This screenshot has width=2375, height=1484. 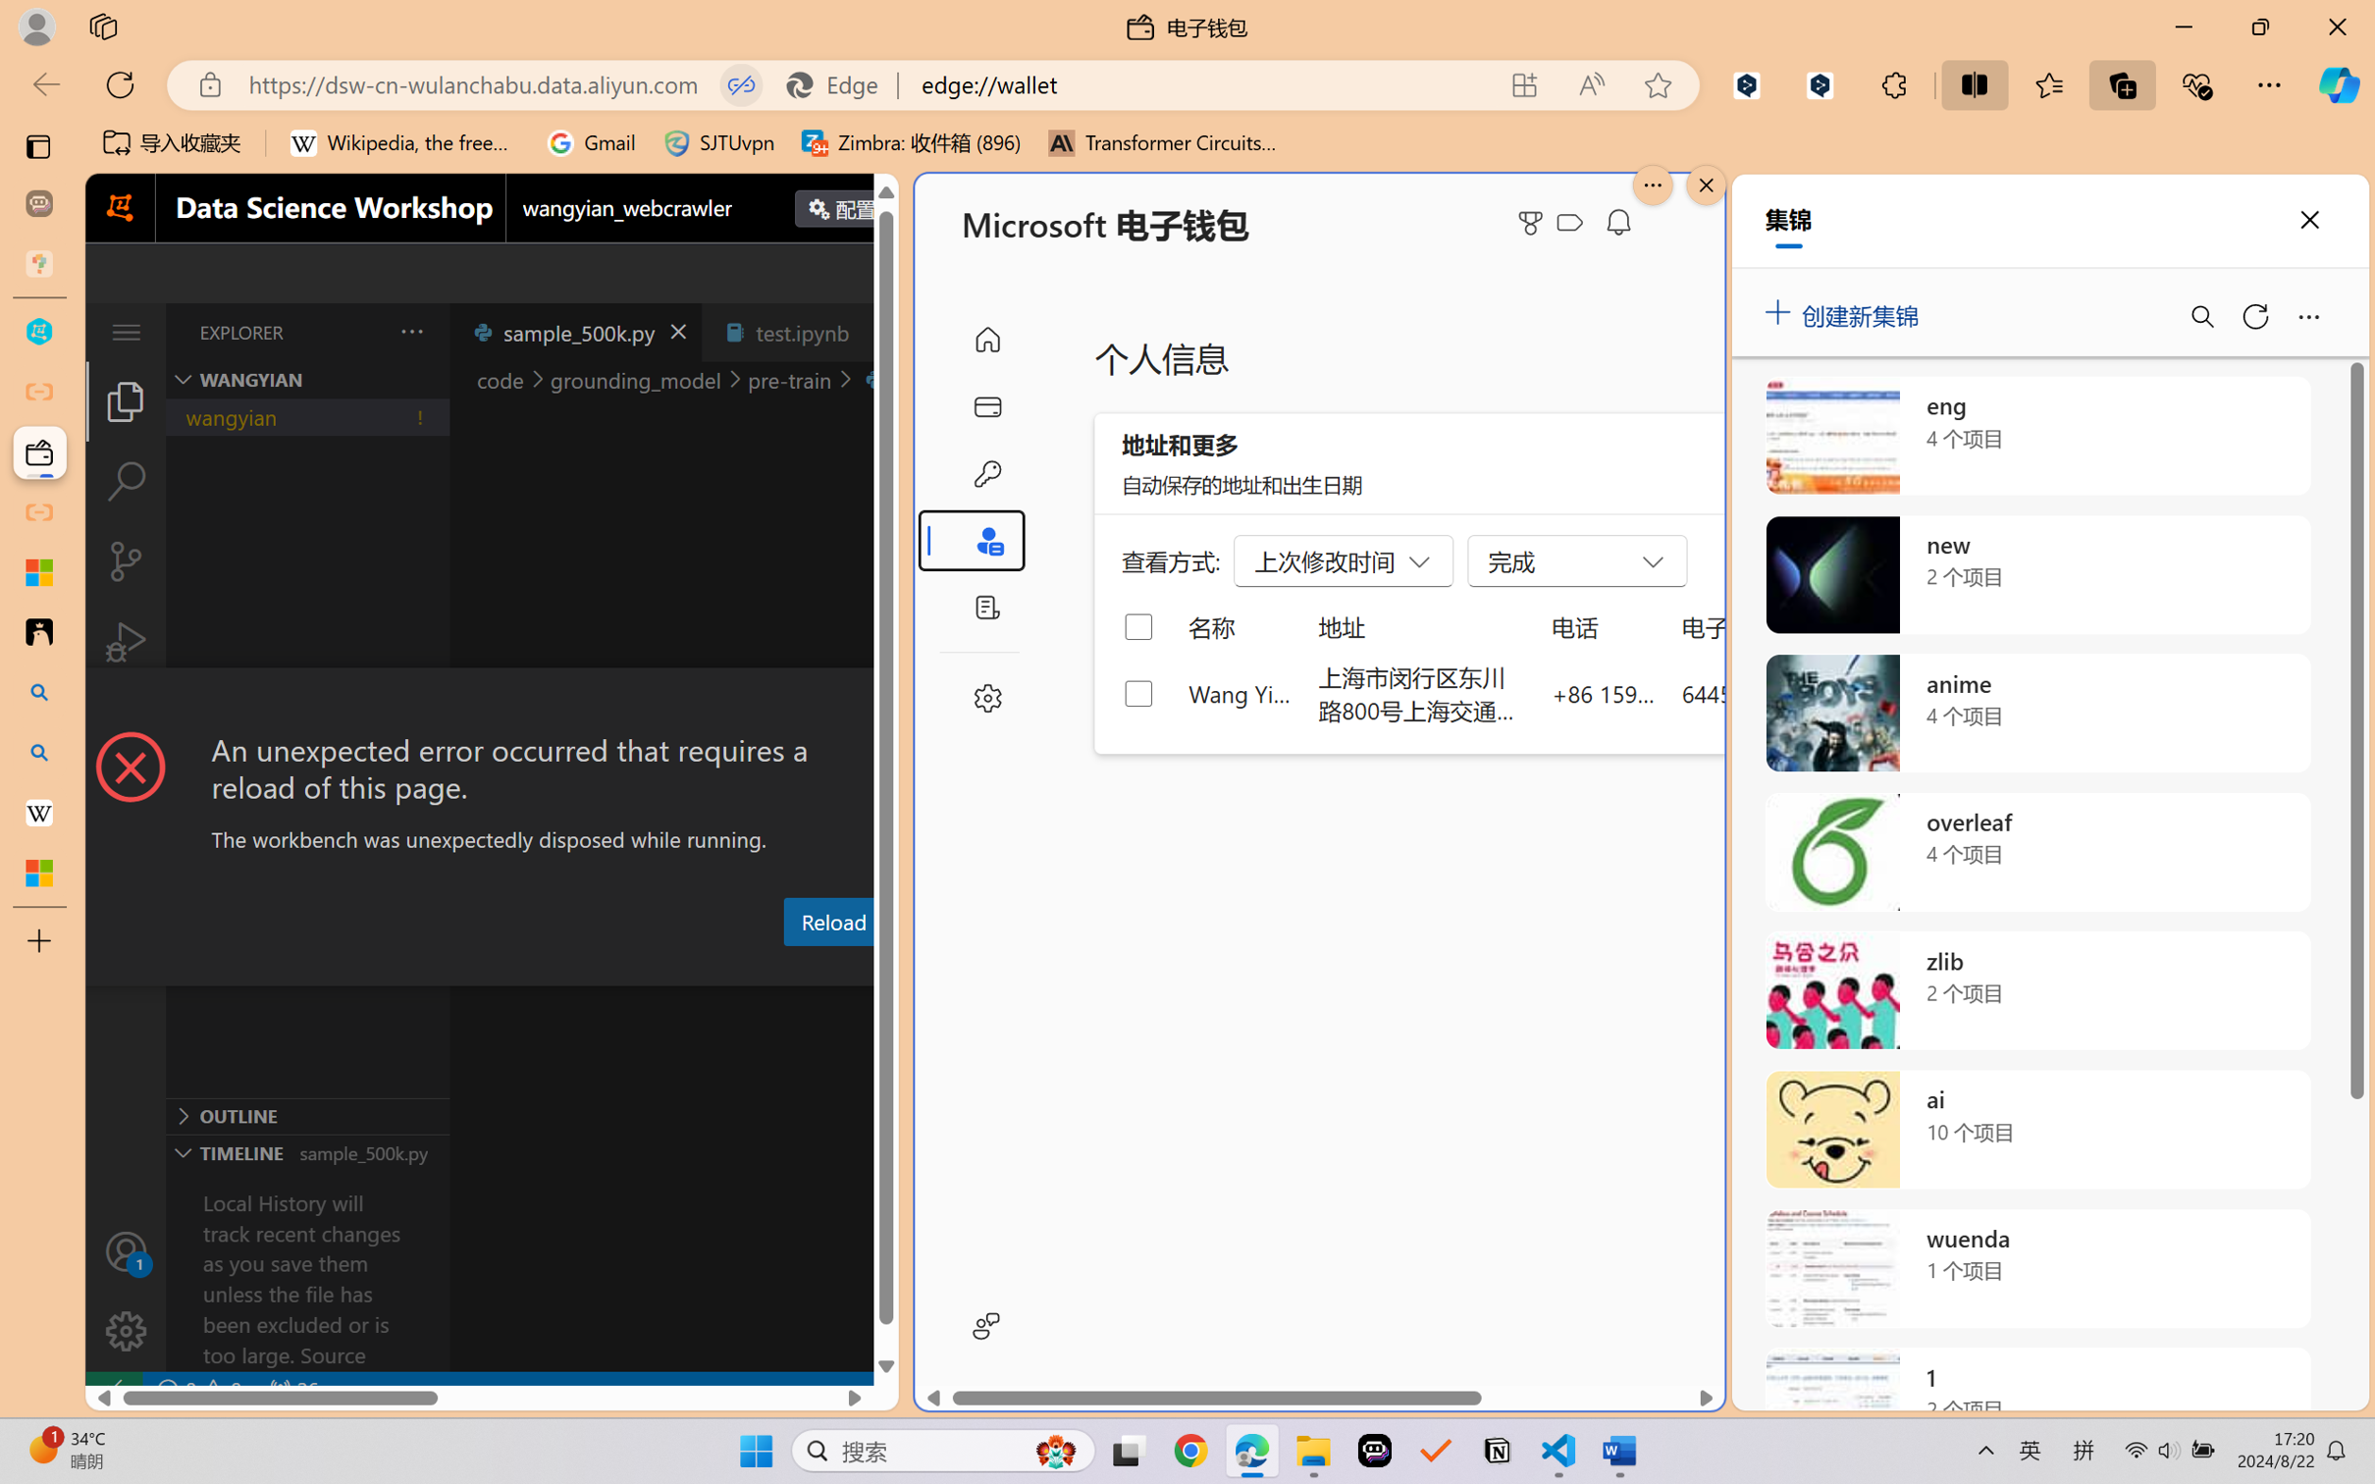 I want to click on 'test.ipynb', so click(x=802, y=331).